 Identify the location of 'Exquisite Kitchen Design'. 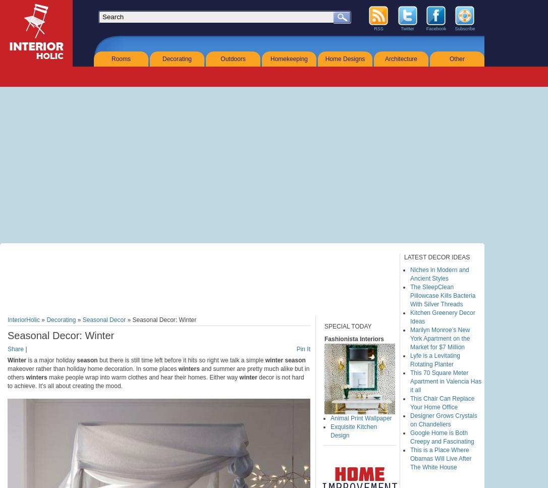
(330, 431).